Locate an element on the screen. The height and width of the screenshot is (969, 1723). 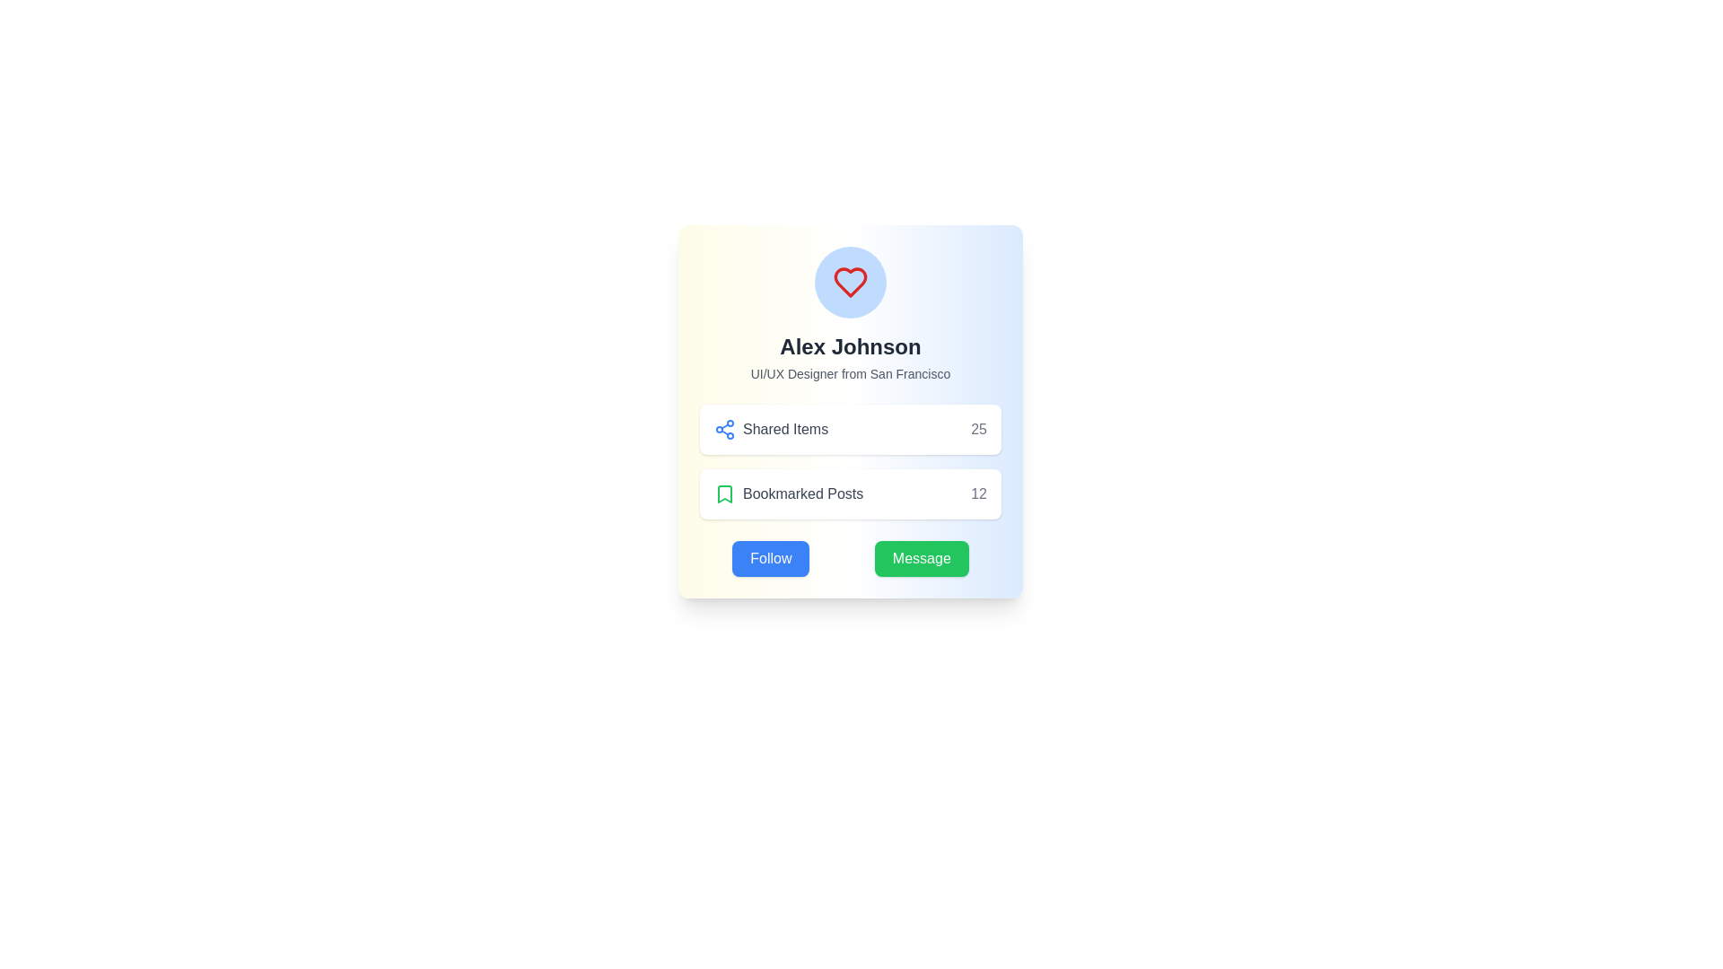
the 'Shared Items' text label, which is styled in gray and located next to a sharing icon and the number '25' is located at coordinates (785, 429).